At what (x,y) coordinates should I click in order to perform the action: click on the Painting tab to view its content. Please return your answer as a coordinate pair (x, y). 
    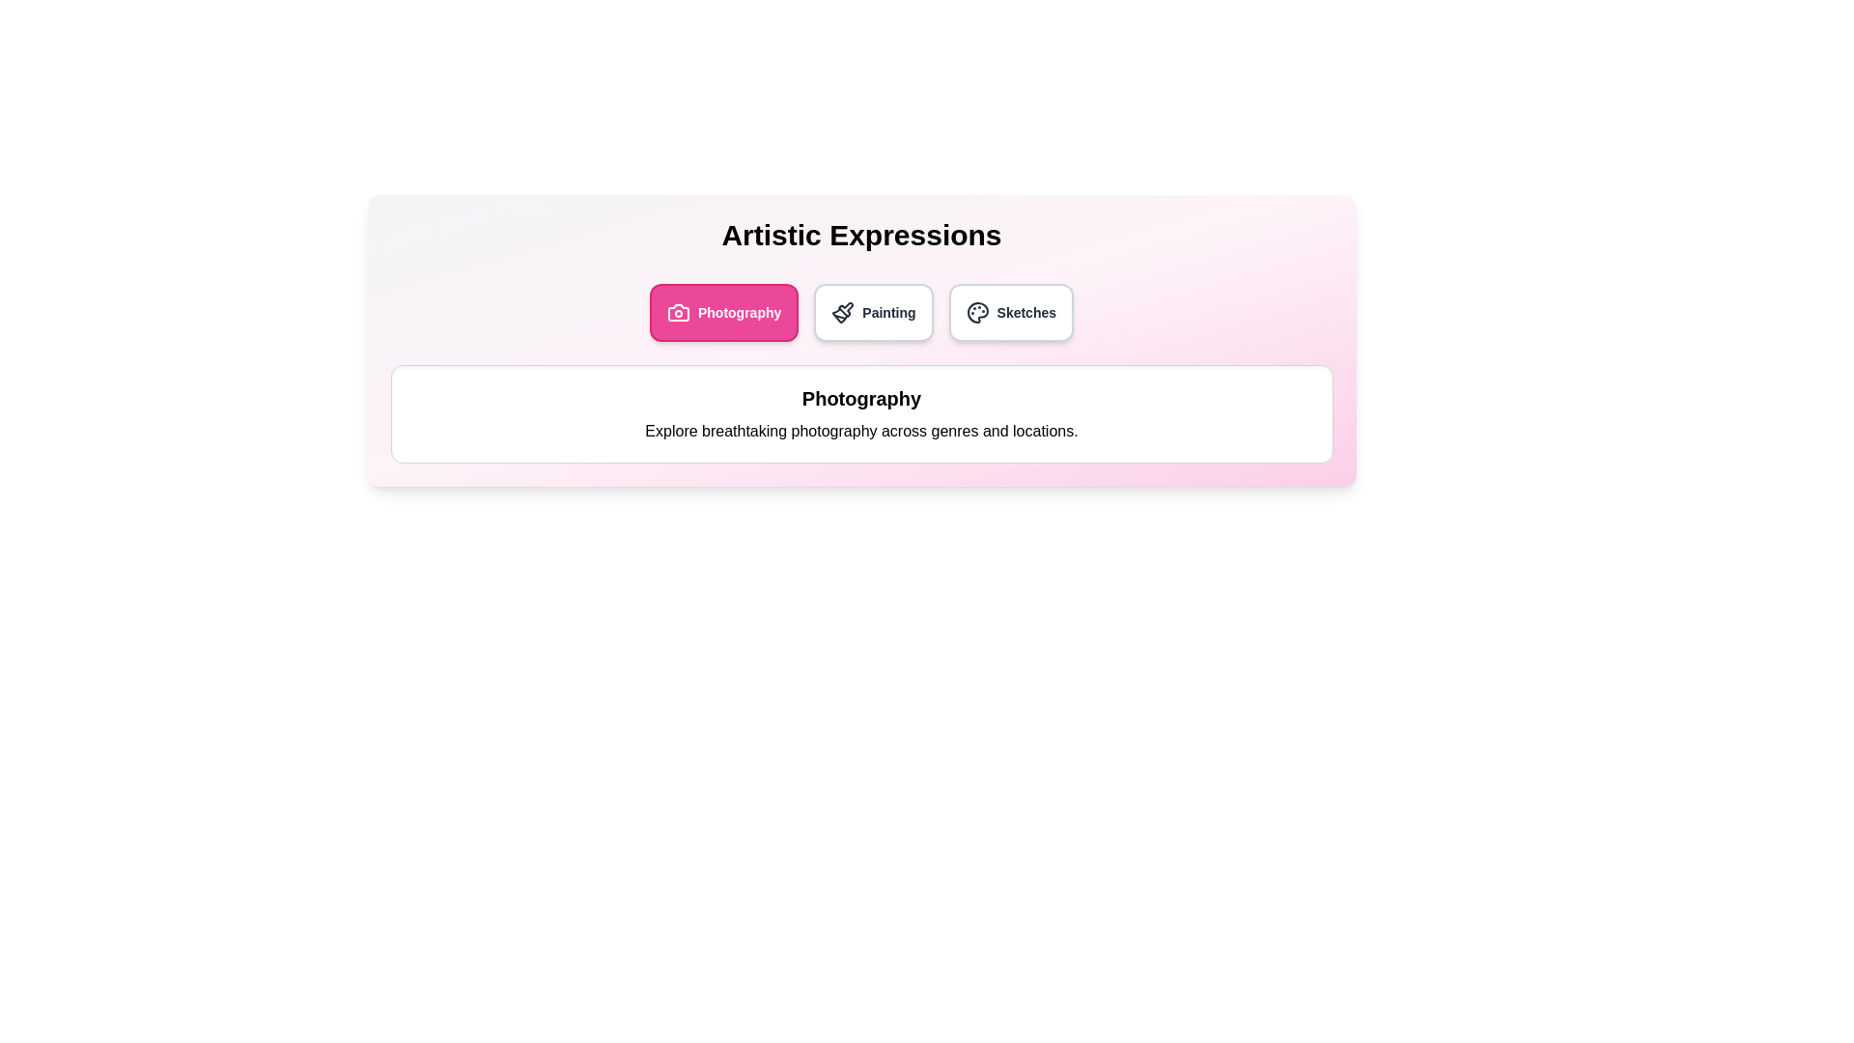
    Looking at the image, I should click on (872, 312).